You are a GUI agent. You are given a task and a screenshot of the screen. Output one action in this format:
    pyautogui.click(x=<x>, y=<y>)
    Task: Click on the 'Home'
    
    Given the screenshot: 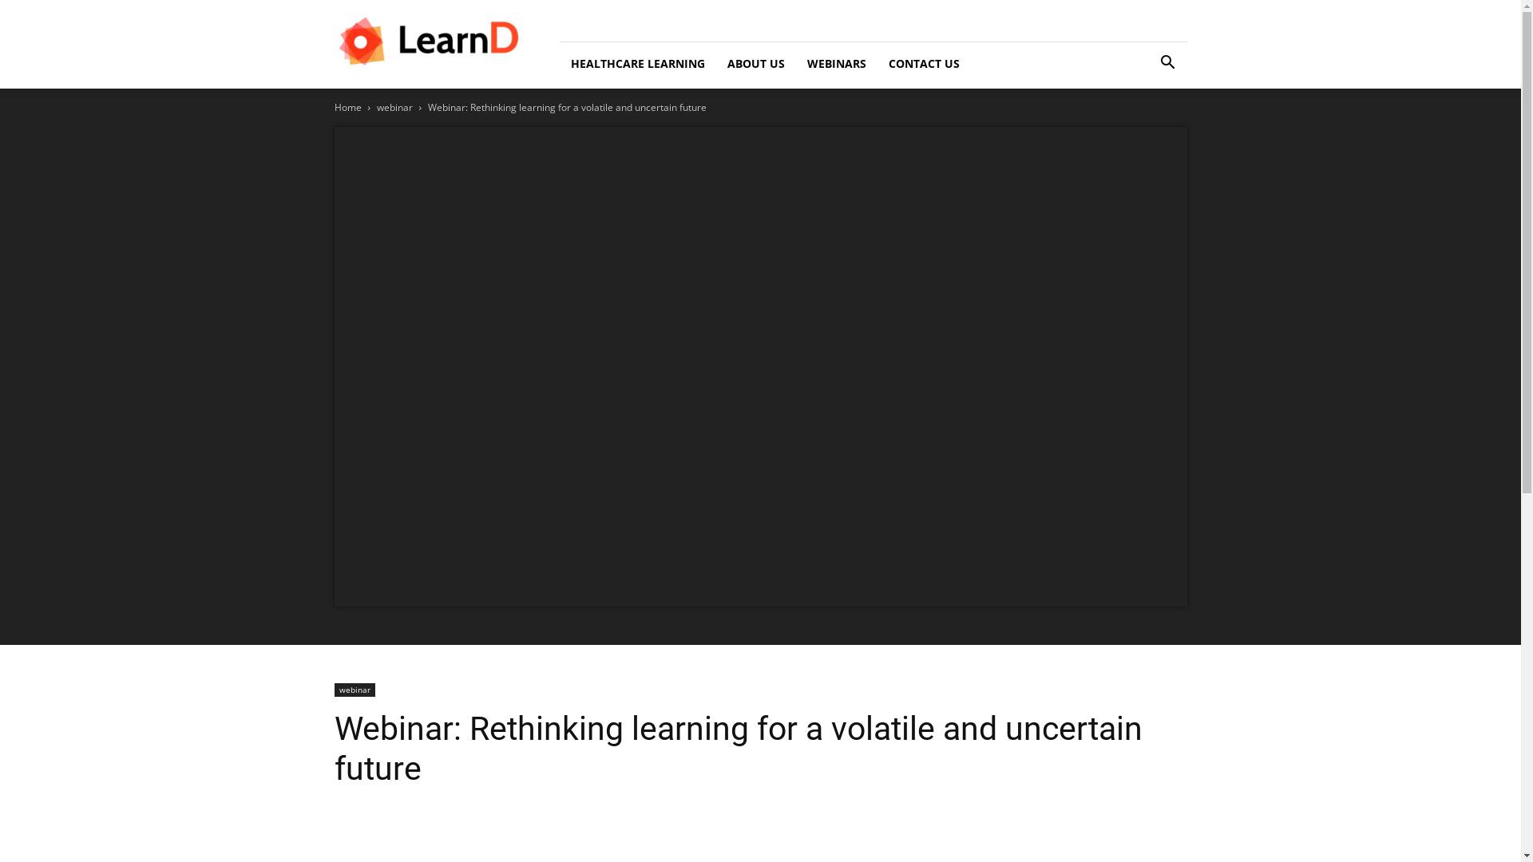 What is the action you would take?
    pyautogui.click(x=347, y=107)
    